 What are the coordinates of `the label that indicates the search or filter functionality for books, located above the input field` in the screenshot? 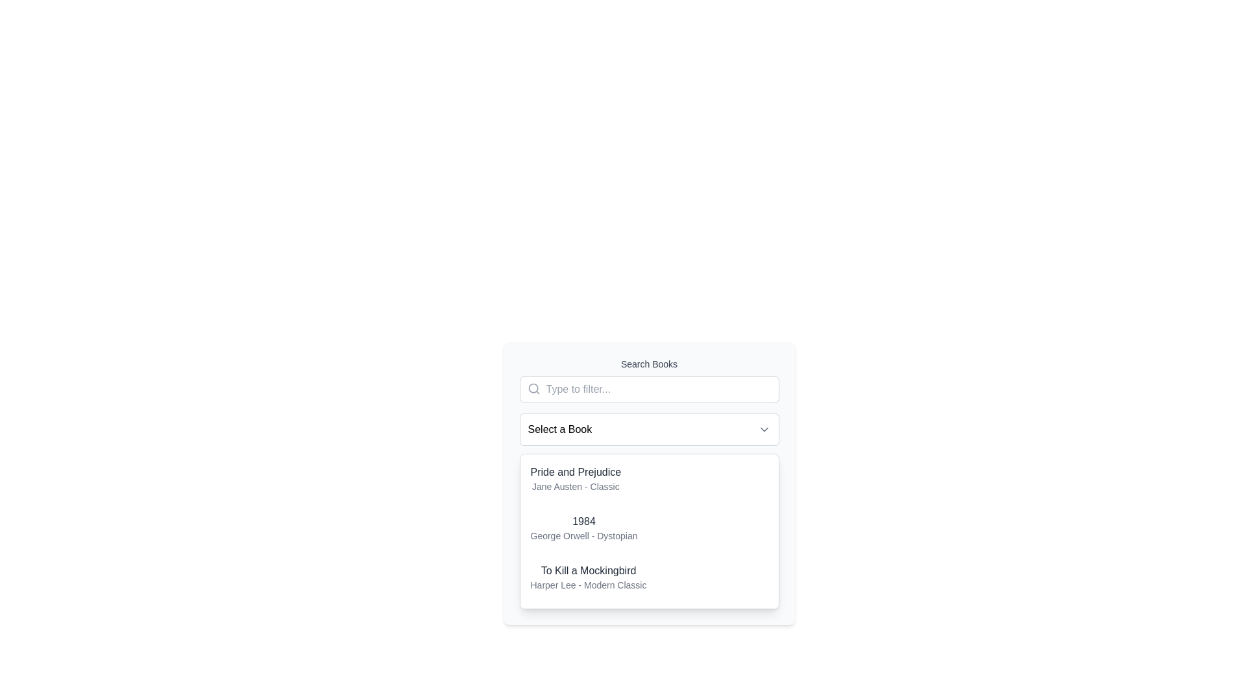 It's located at (649, 364).